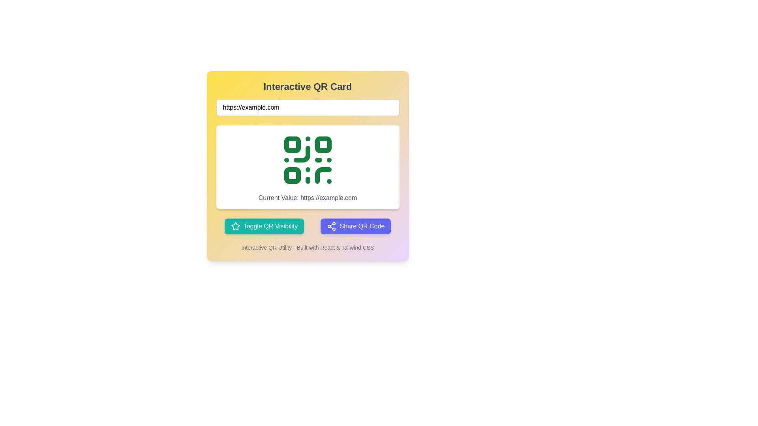  I want to click on the visual cue provided by the icon next to the 'Toggle QR Visibility' button's text, so click(235, 226).